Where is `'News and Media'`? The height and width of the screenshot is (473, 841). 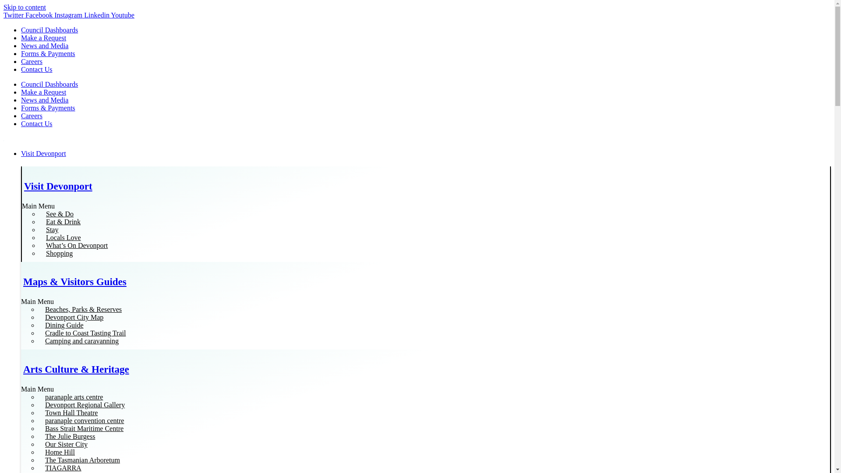
'News and Media' is located at coordinates (44, 99).